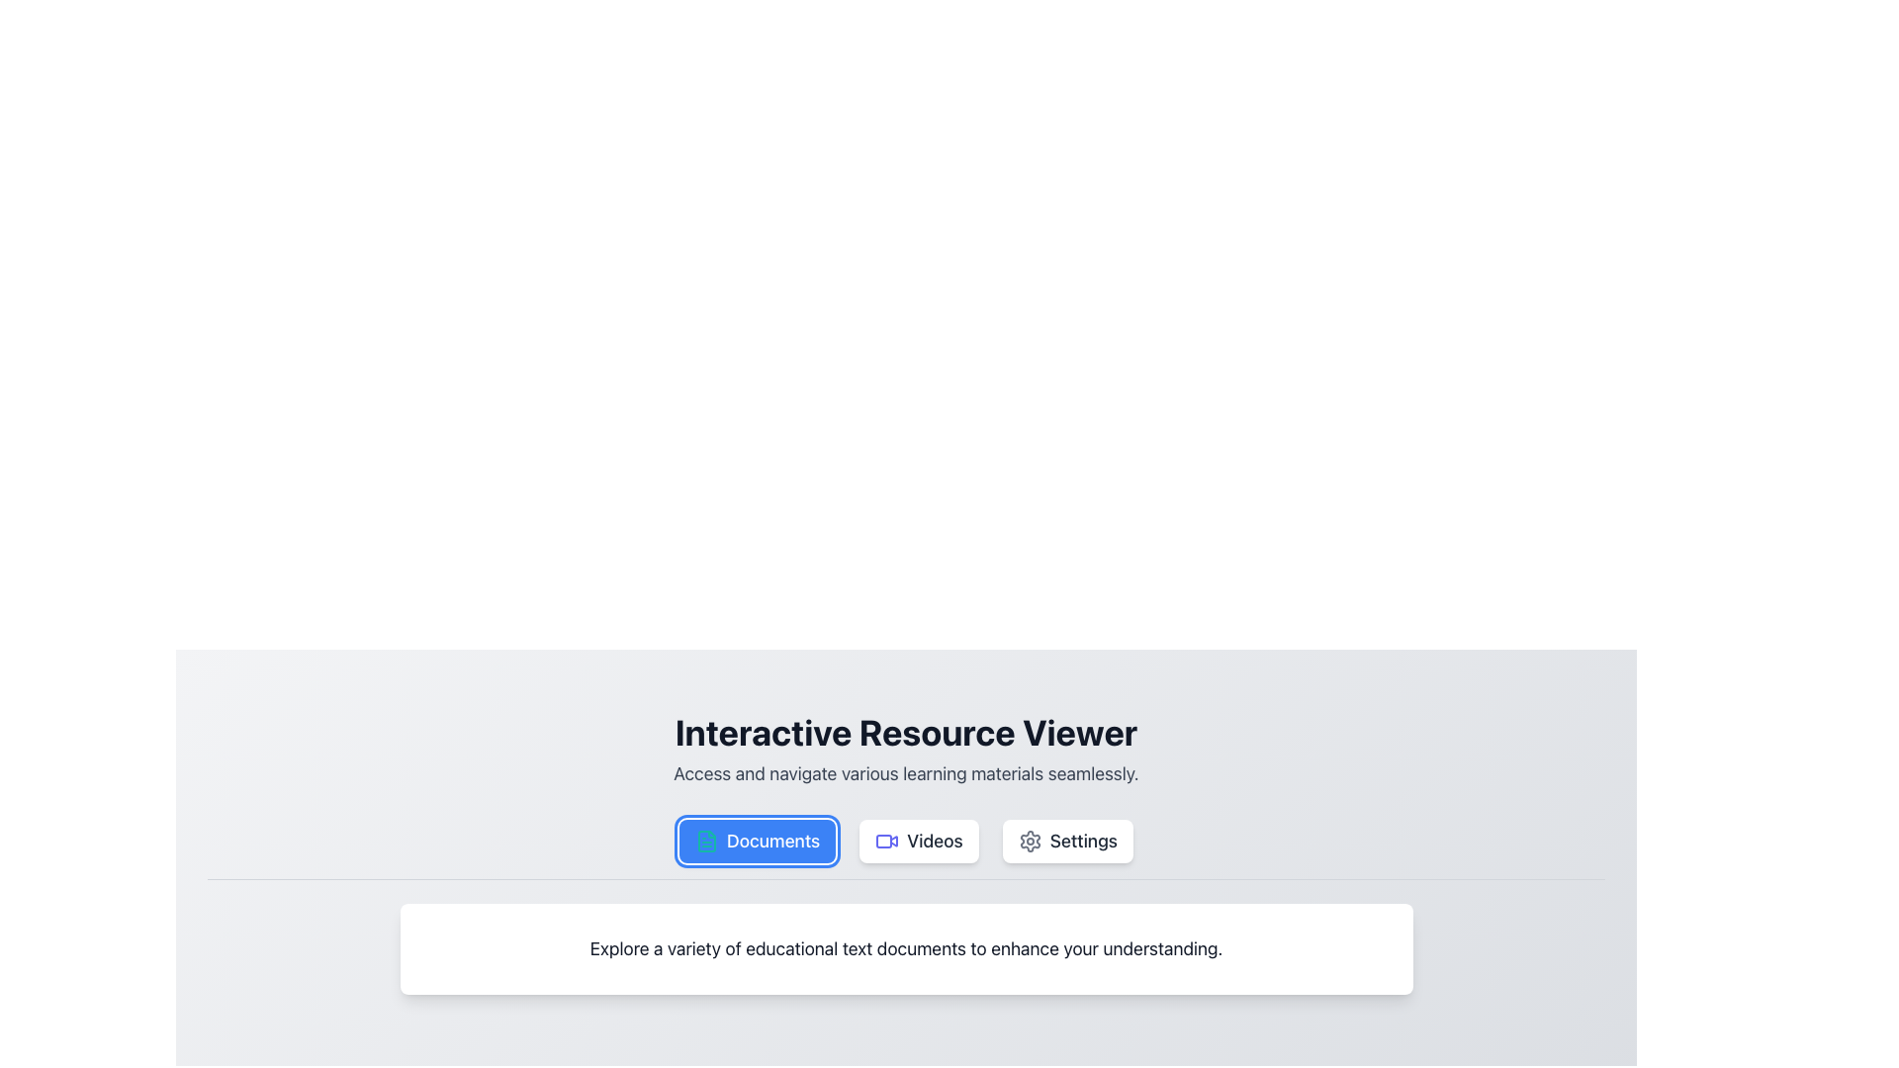 The image size is (1899, 1068). I want to click on the gear icon for settings located, so click(1029, 842).